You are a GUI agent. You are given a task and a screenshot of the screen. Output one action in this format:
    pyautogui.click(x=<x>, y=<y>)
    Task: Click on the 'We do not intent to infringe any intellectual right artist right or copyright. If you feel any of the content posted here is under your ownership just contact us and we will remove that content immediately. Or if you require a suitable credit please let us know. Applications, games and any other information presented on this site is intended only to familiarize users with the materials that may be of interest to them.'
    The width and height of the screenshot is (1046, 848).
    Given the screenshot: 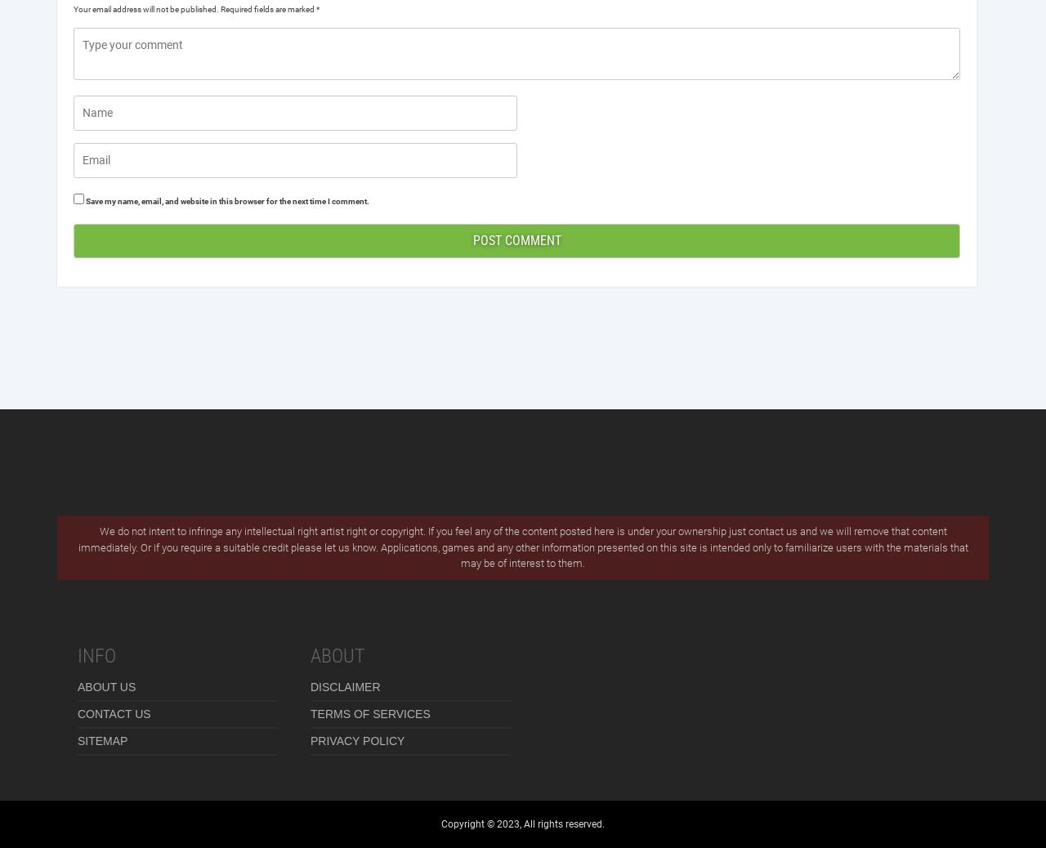 What is the action you would take?
    pyautogui.click(x=76, y=547)
    